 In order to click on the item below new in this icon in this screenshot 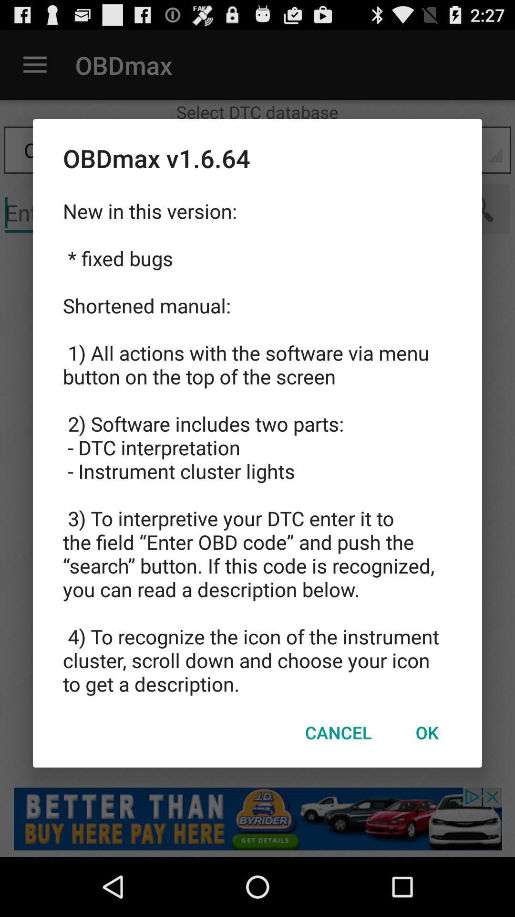, I will do `click(338, 732)`.